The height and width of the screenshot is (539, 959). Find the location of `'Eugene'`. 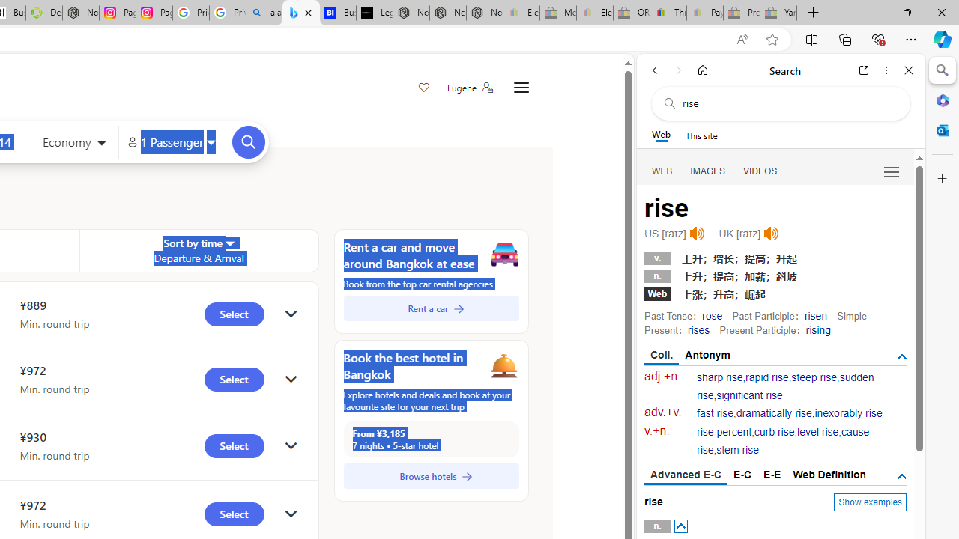

'Eugene' is located at coordinates (468, 88).